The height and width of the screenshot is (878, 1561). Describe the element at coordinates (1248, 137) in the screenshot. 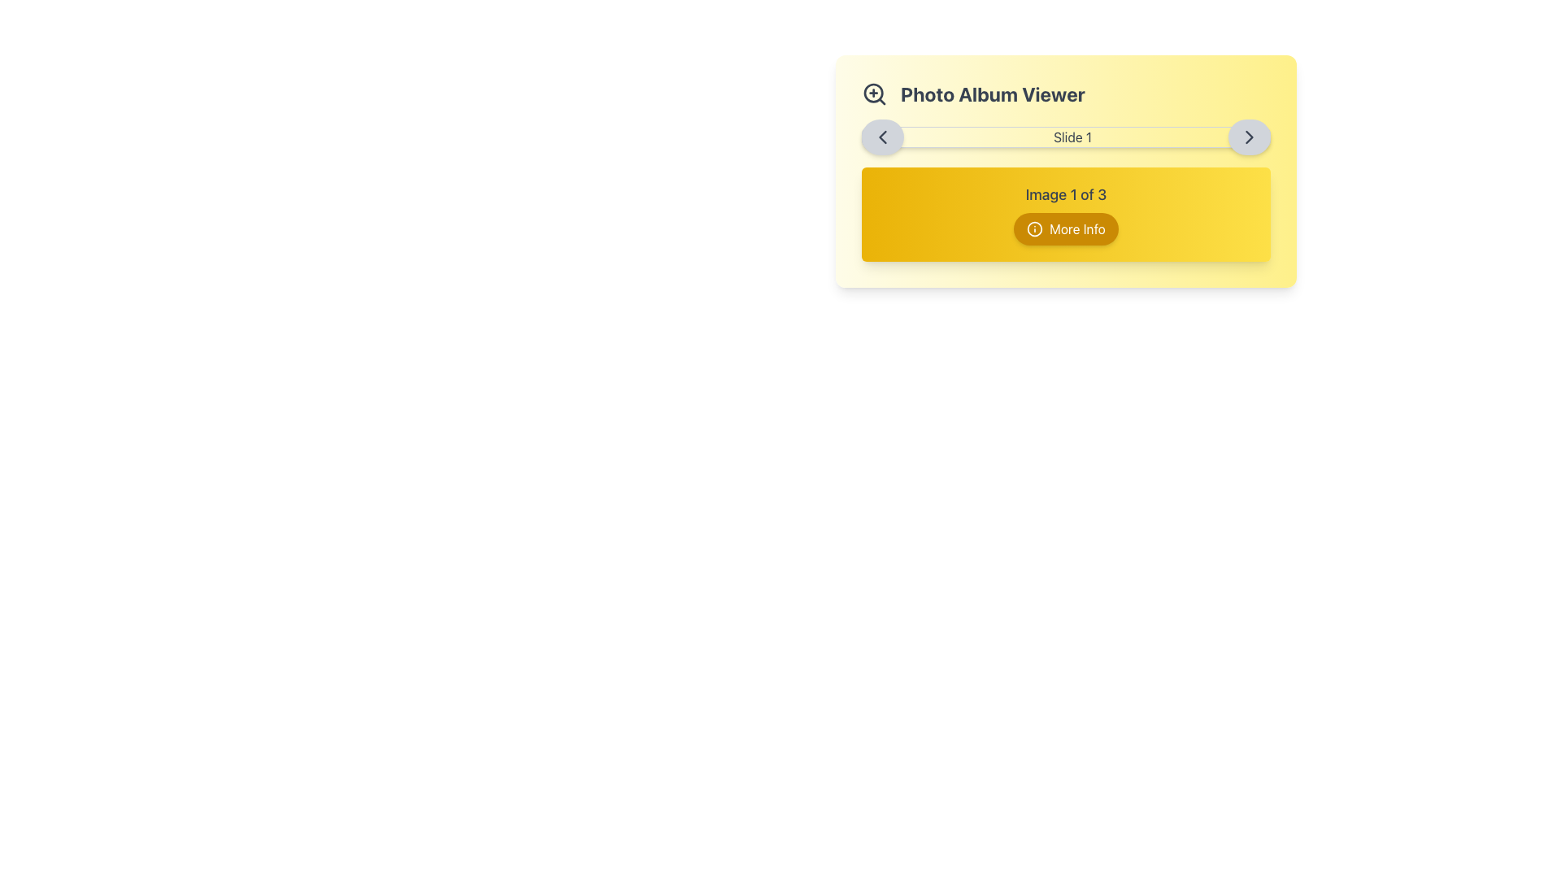

I see `the rightward-pointing chevron icon in the Photo Album Viewer` at that location.